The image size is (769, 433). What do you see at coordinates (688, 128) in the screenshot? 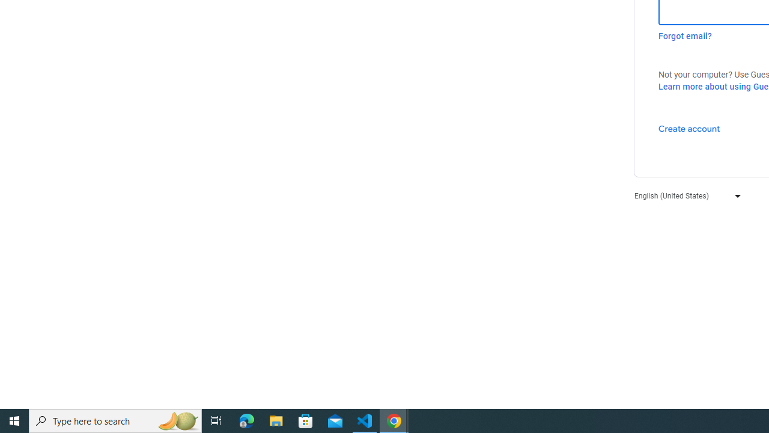
I see `'Create account'` at bounding box center [688, 128].